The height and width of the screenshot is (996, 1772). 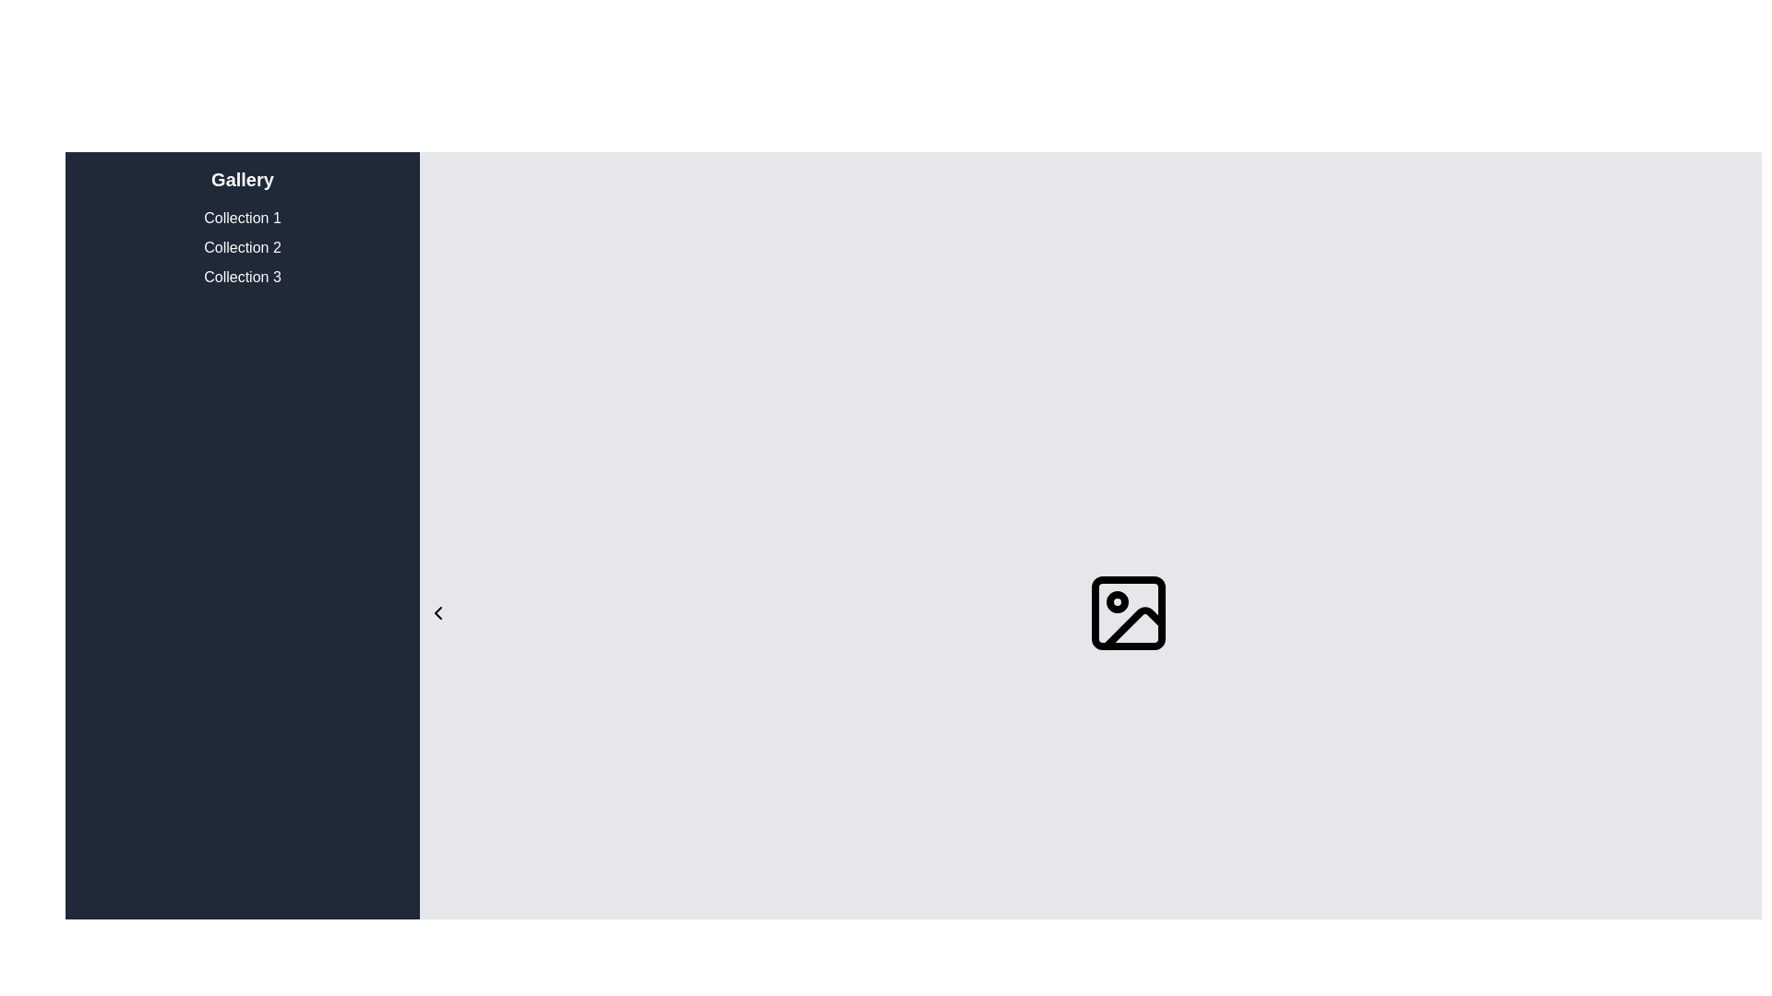 What do you see at coordinates (242, 277) in the screenshot?
I see `the List Item labeled 'Collection 3'` at bounding box center [242, 277].